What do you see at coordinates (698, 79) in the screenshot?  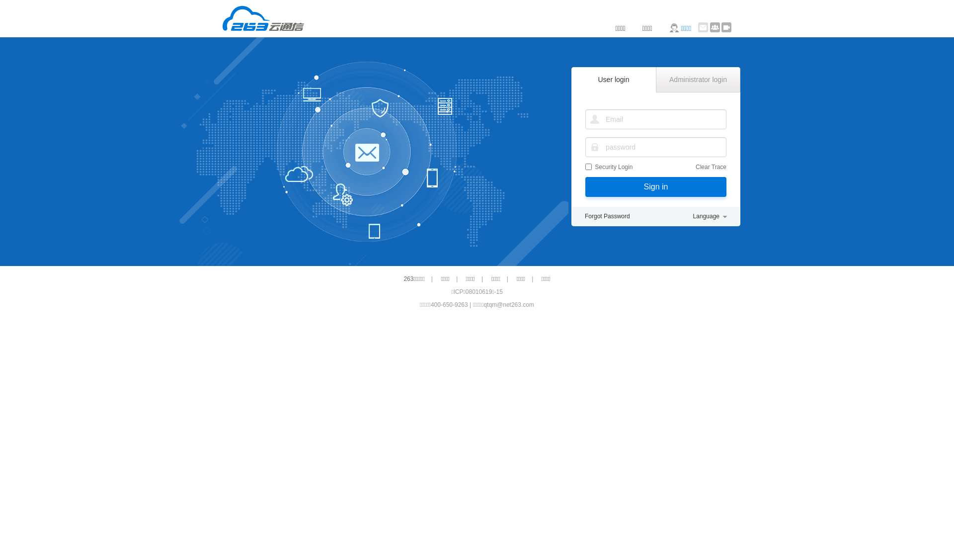 I see `'Administrator login'` at bounding box center [698, 79].